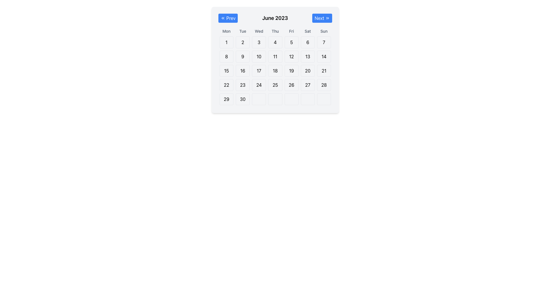 The image size is (546, 307). What do you see at coordinates (328, 18) in the screenshot?
I see `the rightward-pointing double-chevron icon with a blue background located inside the 'Next' button on the calendar view for accessibility` at bounding box center [328, 18].